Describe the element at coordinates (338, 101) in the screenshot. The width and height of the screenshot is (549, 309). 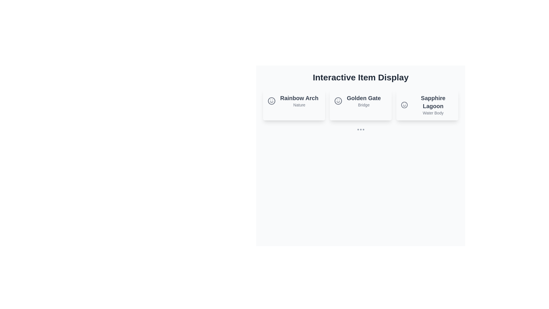
I see `the smiling face icon located to the left of the 'Golden Gate' label in the second card of the 'Interactive Item Display'` at that location.